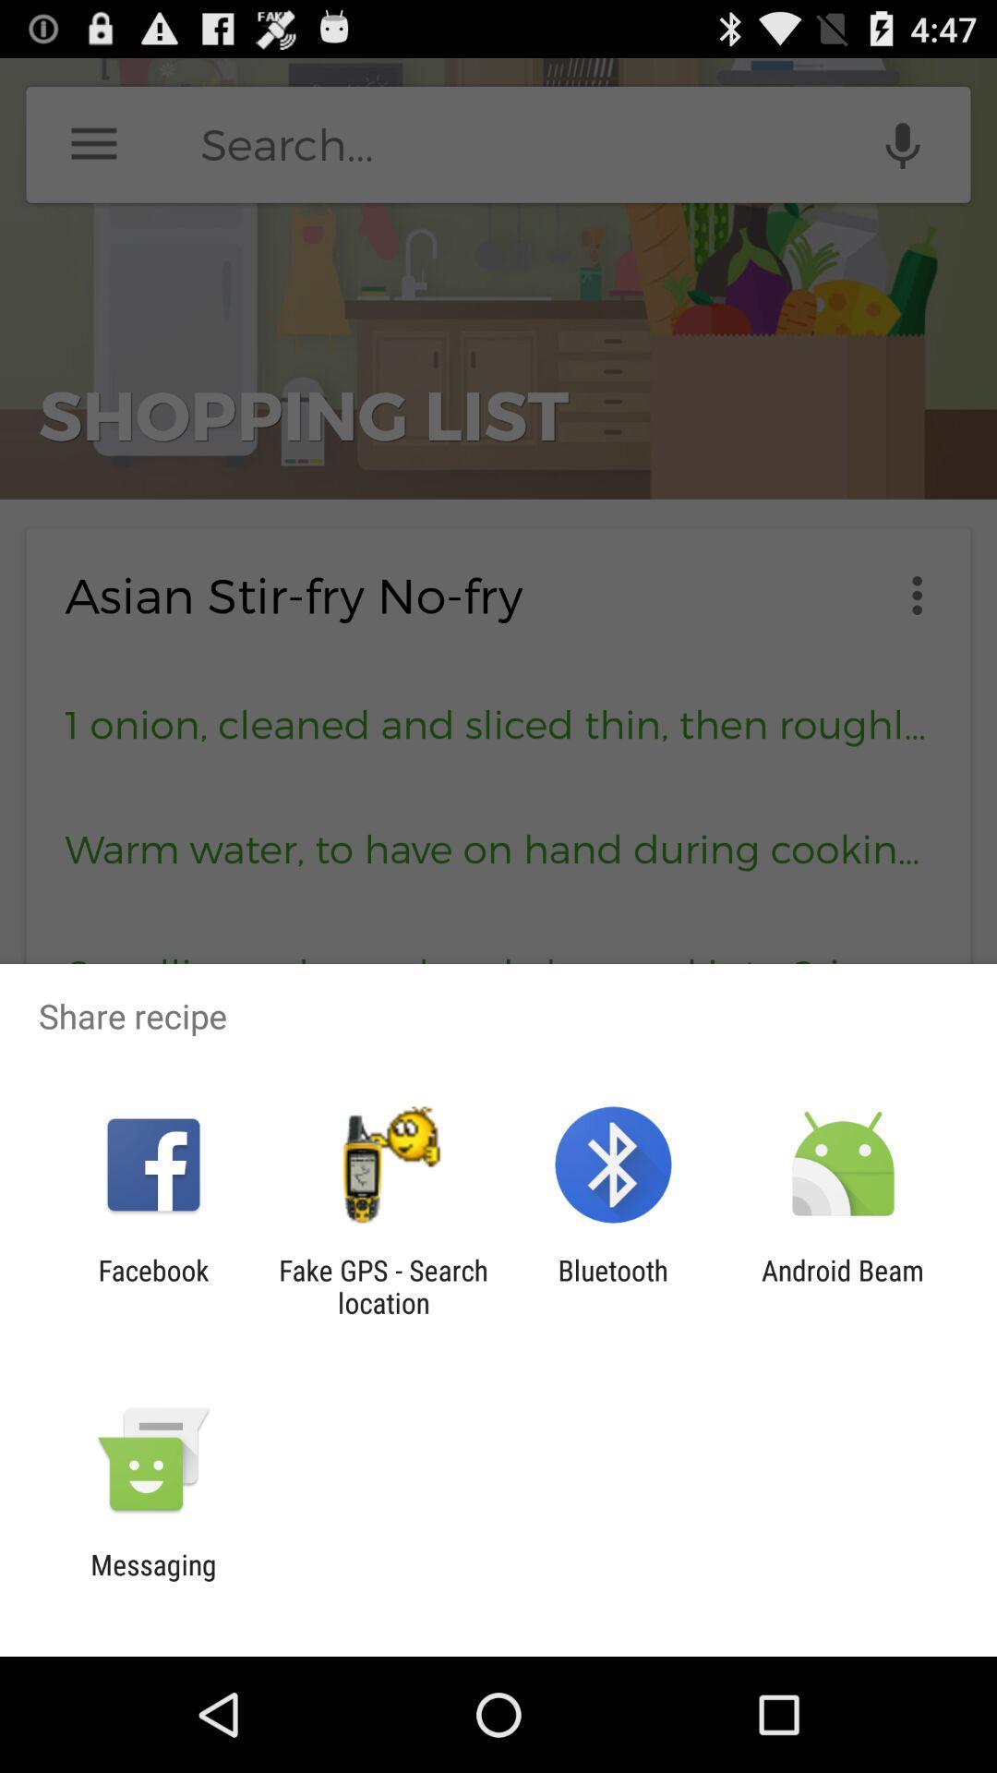 Image resolution: width=997 pixels, height=1773 pixels. Describe the element at coordinates (613, 1285) in the screenshot. I see `item next to android beam` at that location.